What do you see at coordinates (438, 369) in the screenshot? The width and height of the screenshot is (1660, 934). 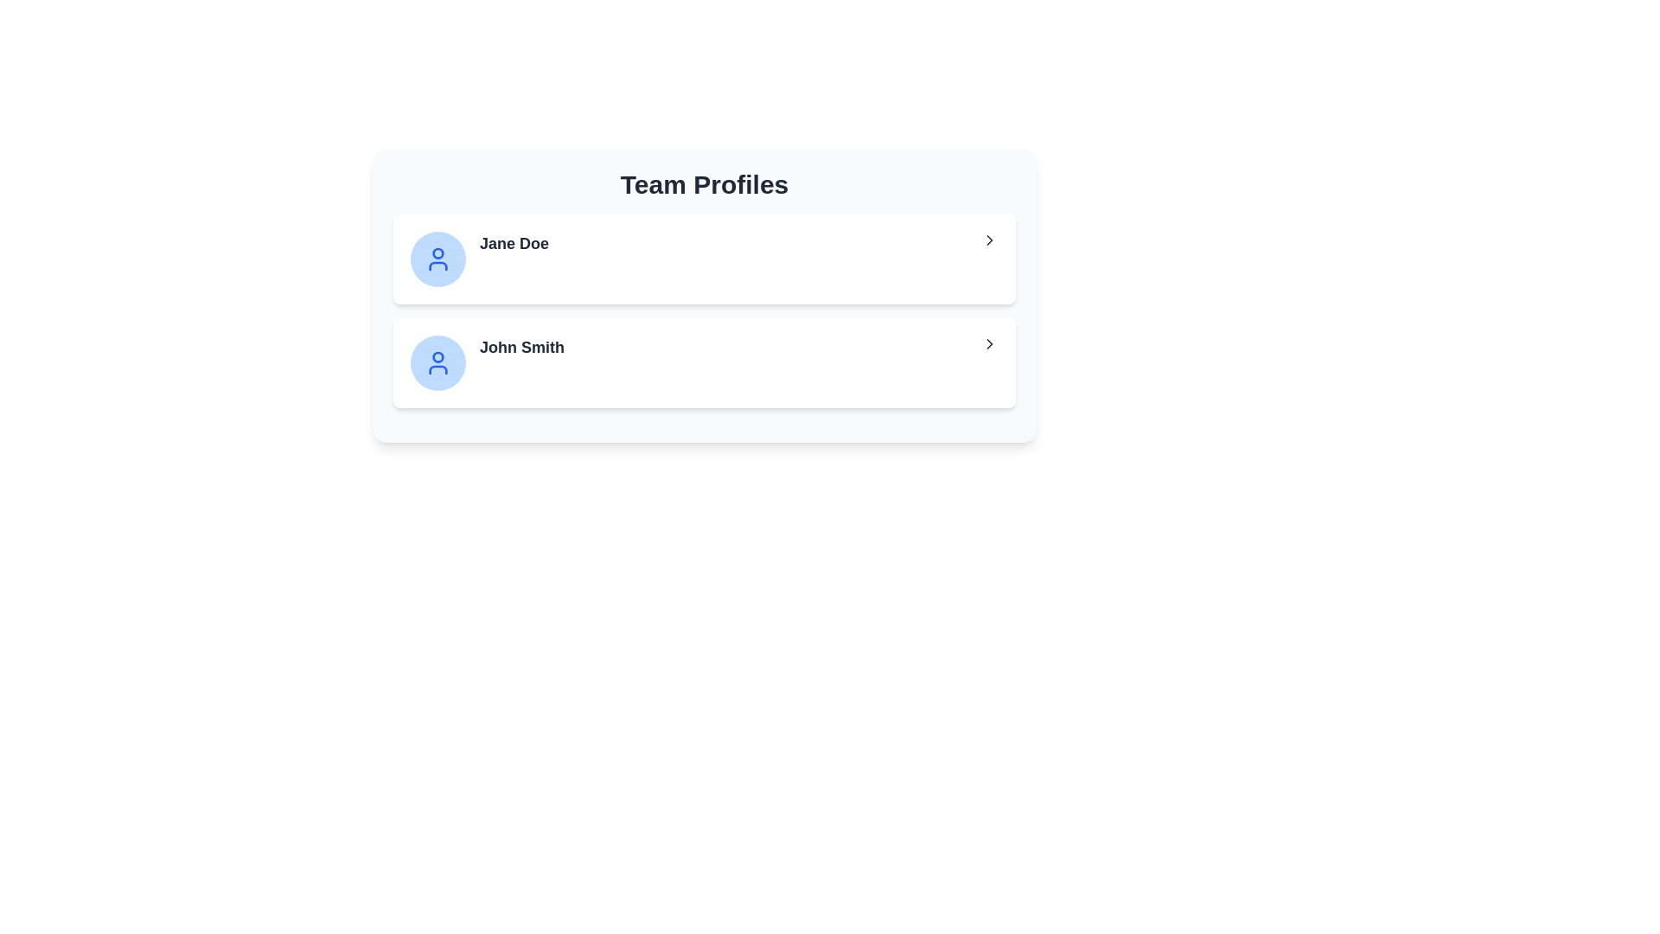 I see `the lower half of the user avatar icon, which is represented as a blue elliptical shape within the SVG illustration, located beneath the head icon and adjacent to 'John Smith'` at bounding box center [438, 369].